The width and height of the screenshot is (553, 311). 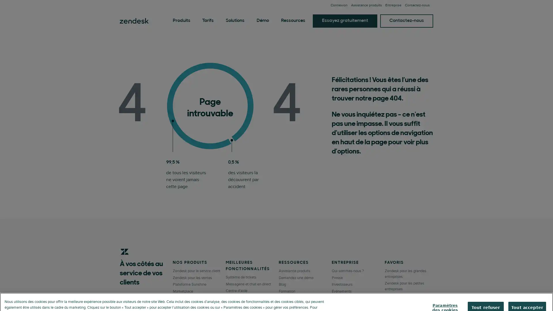 What do you see at coordinates (487, 296) in the screenshot?
I see `Tout refuser` at bounding box center [487, 296].